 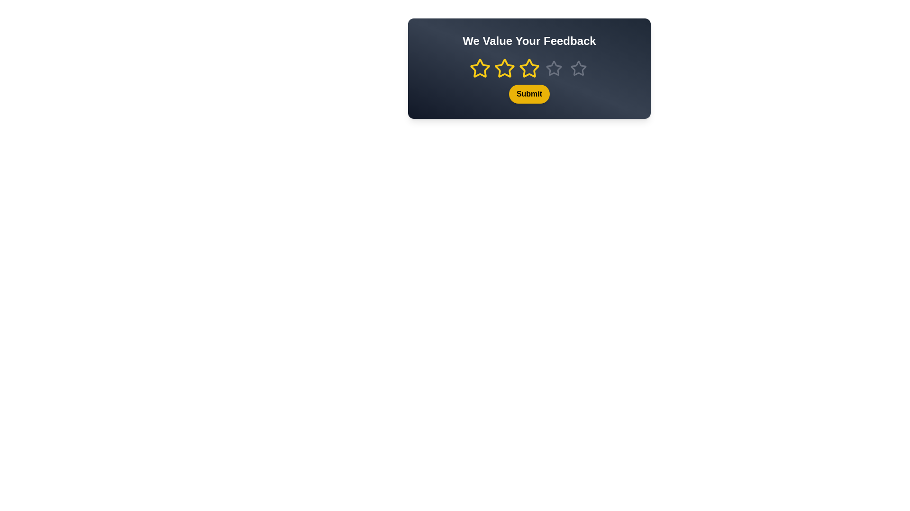 I want to click on the second star in the horizontal row of five stars, so click(x=529, y=68).